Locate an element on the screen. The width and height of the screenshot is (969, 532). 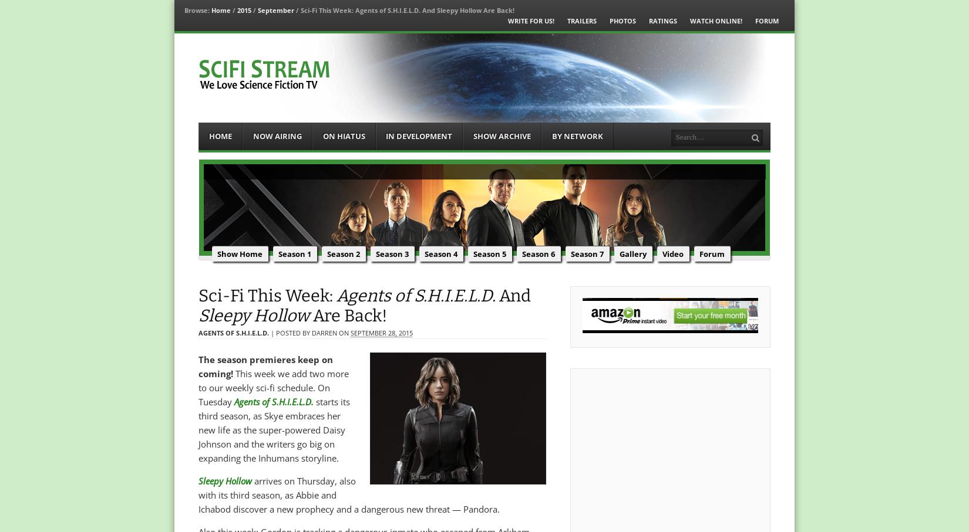
'In Development' is located at coordinates (418, 136).